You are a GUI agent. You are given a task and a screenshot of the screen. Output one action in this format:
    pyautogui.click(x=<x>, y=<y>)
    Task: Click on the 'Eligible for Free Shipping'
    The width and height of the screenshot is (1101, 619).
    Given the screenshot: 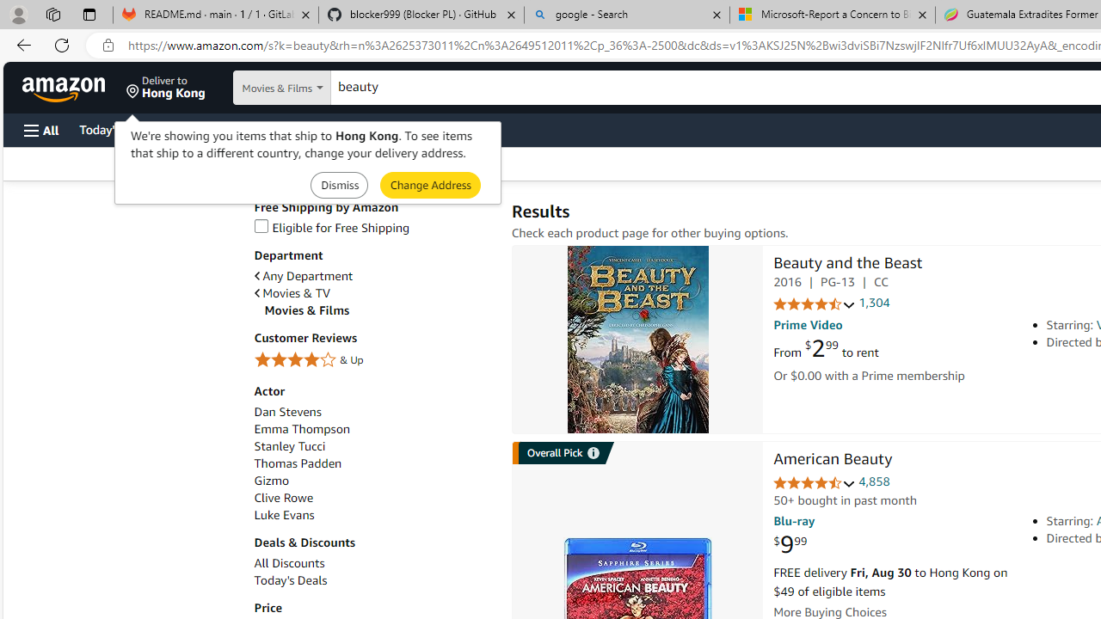 What is the action you would take?
    pyautogui.click(x=372, y=227)
    